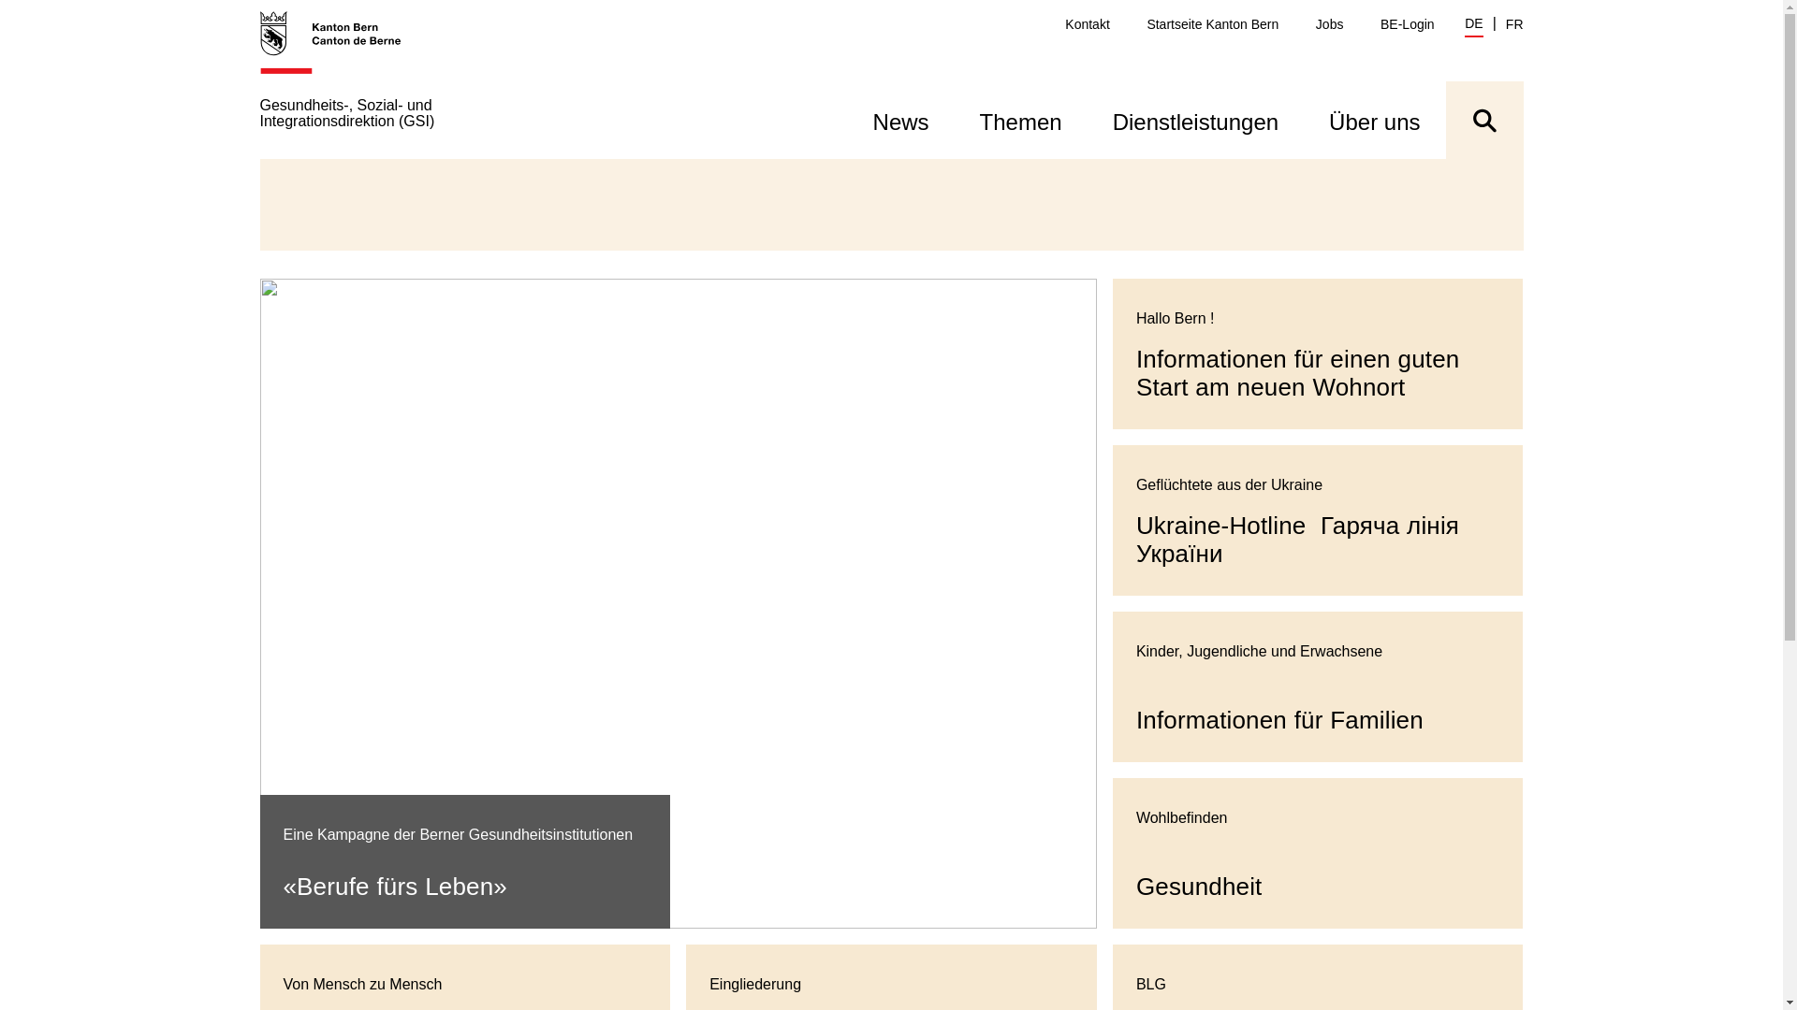  Describe the element at coordinates (1328, 24) in the screenshot. I see `'Jobs'` at that location.